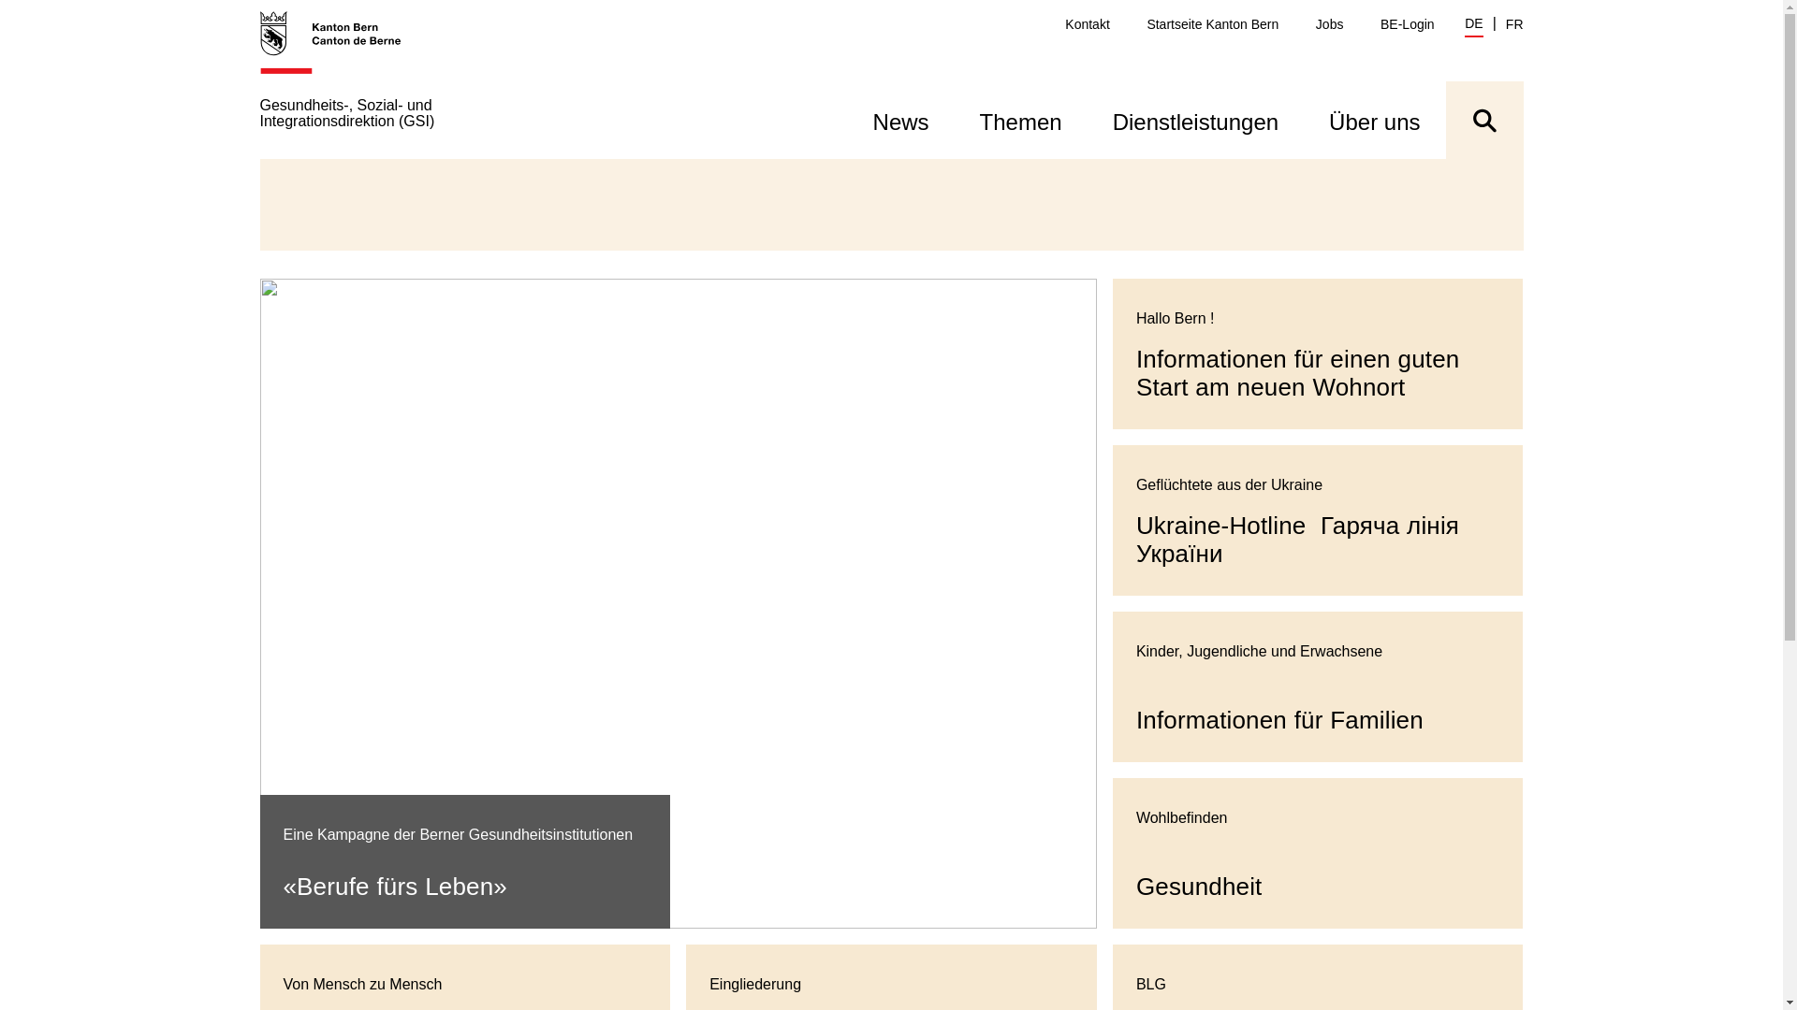  Describe the element at coordinates (1328, 24) in the screenshot. I see `'Jobs'` at that location.